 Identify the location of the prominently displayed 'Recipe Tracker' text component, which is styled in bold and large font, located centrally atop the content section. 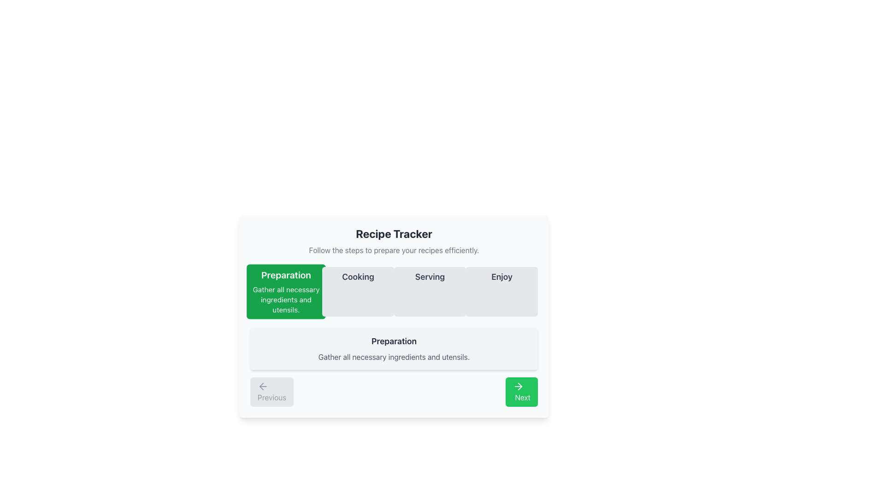
(394, 233).